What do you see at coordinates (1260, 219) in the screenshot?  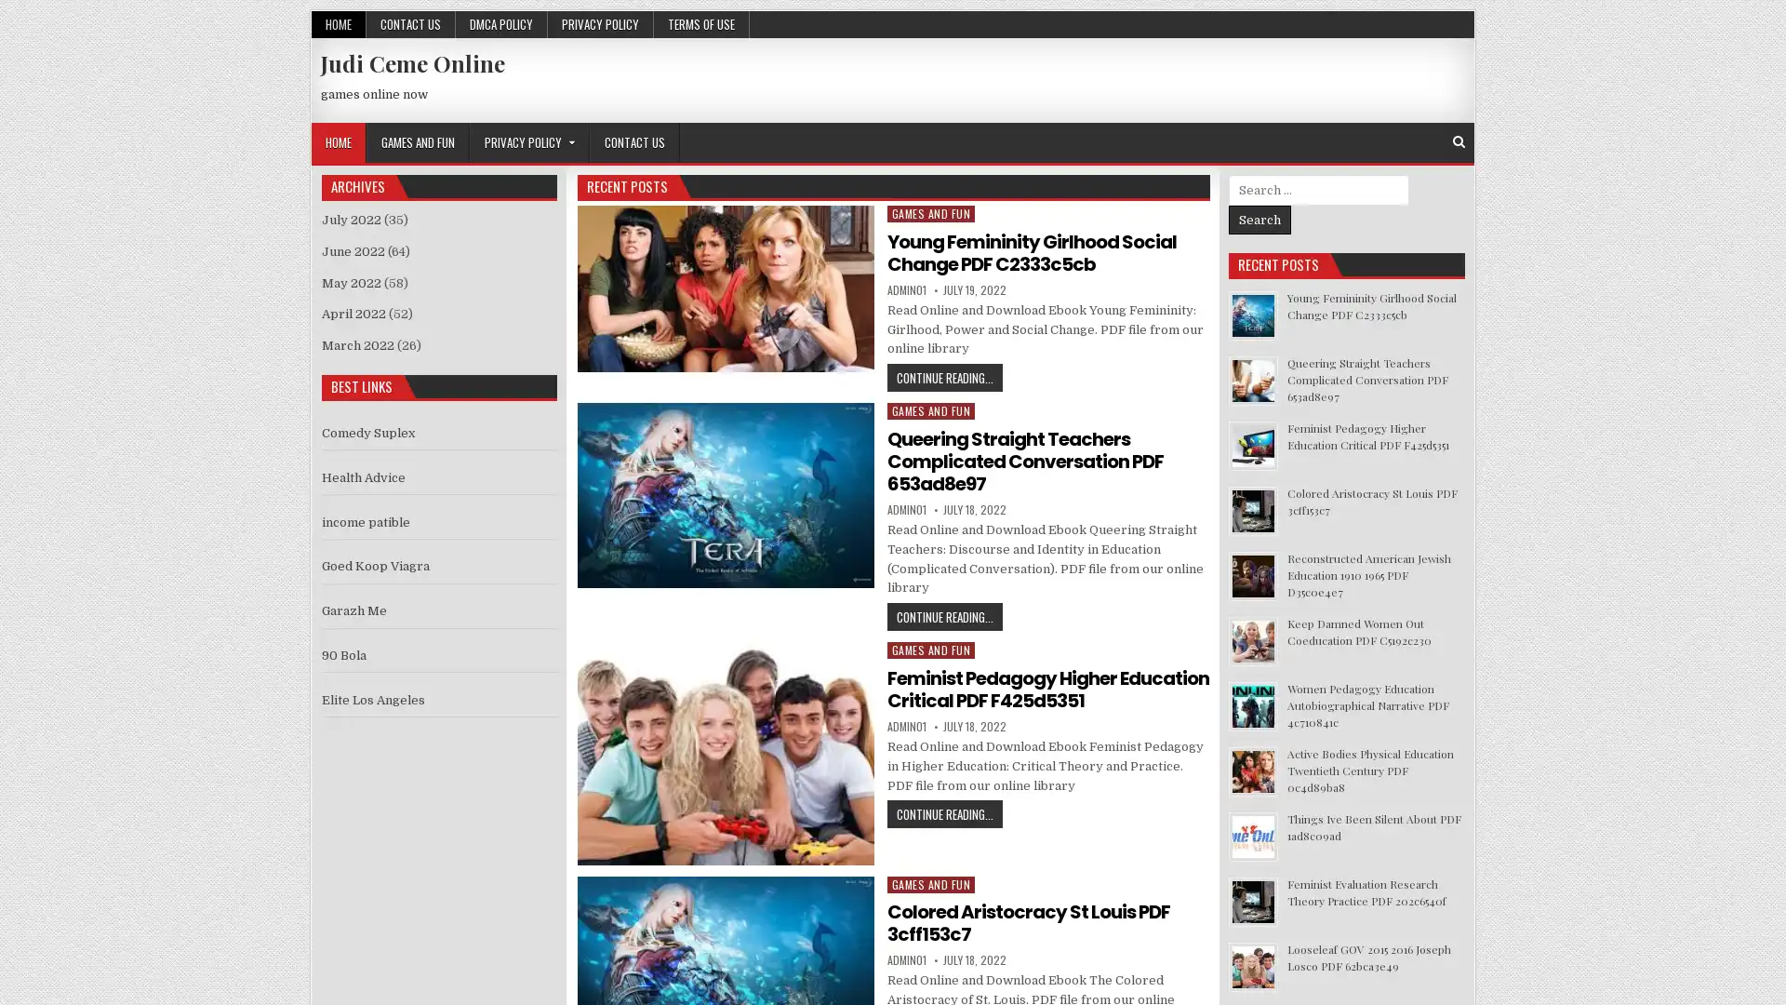 I see `Search` at bounding box center [1260, 219].